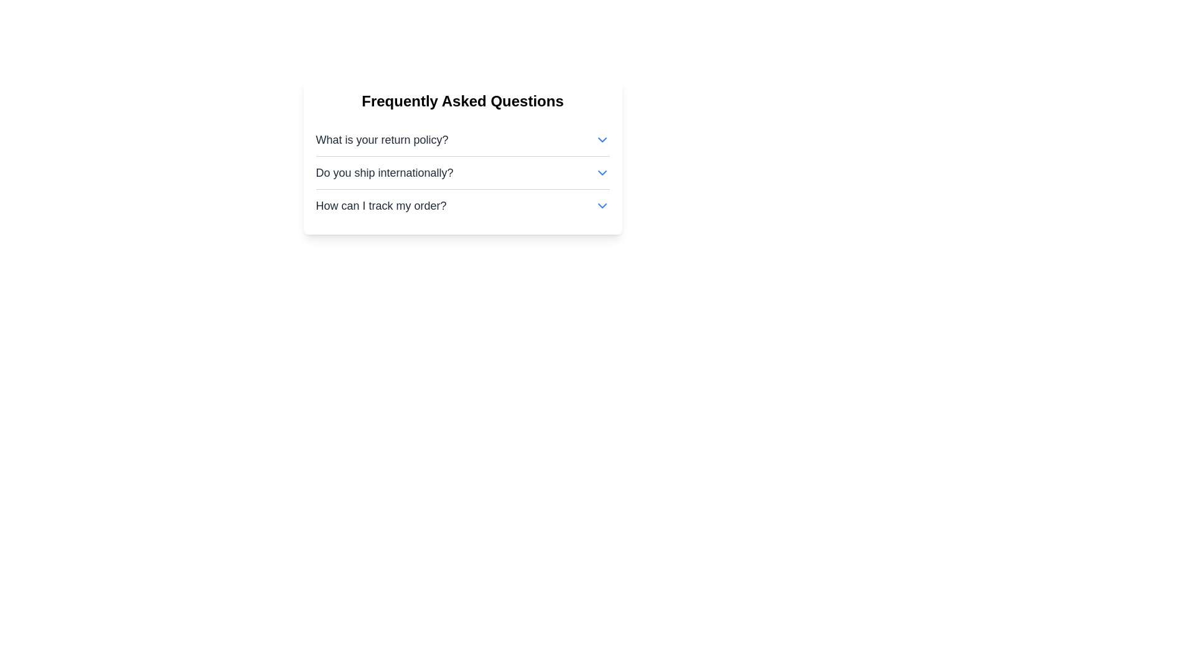 The height and width of the screenshot is (672, 1195). Describe the element at coordinates (462, 205) in the screenshot. I see `the Expandable FAQ item titled 'How can I track my order?' for keyboard navigation` at that location.